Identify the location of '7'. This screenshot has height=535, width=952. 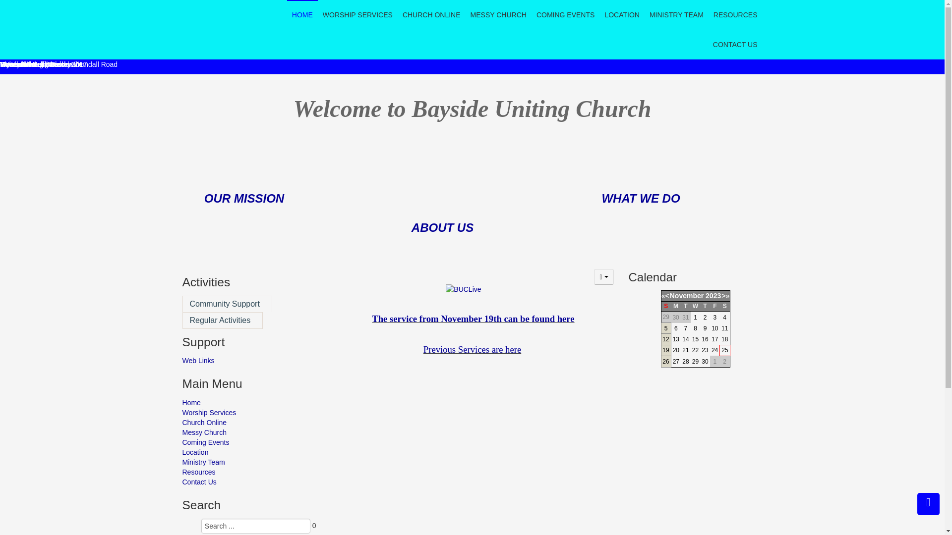
(684, 328).